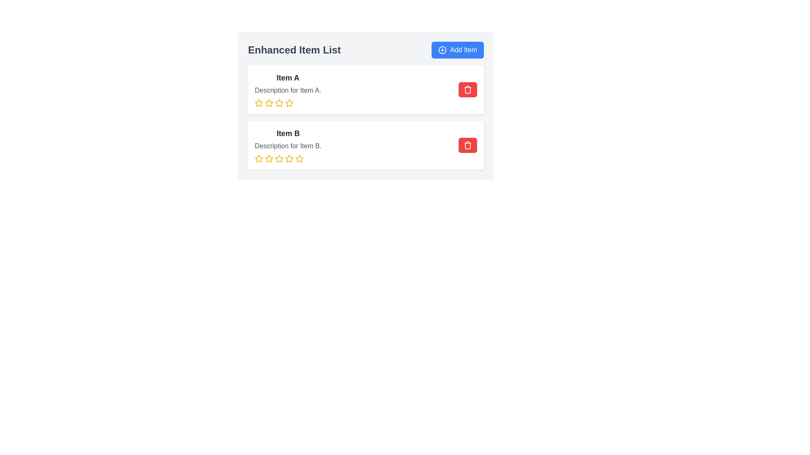 The width and height of the screenshot is (810, 455). I want to click on the first yellow star icon in the rating component for 'Item B', so click(259, 159).